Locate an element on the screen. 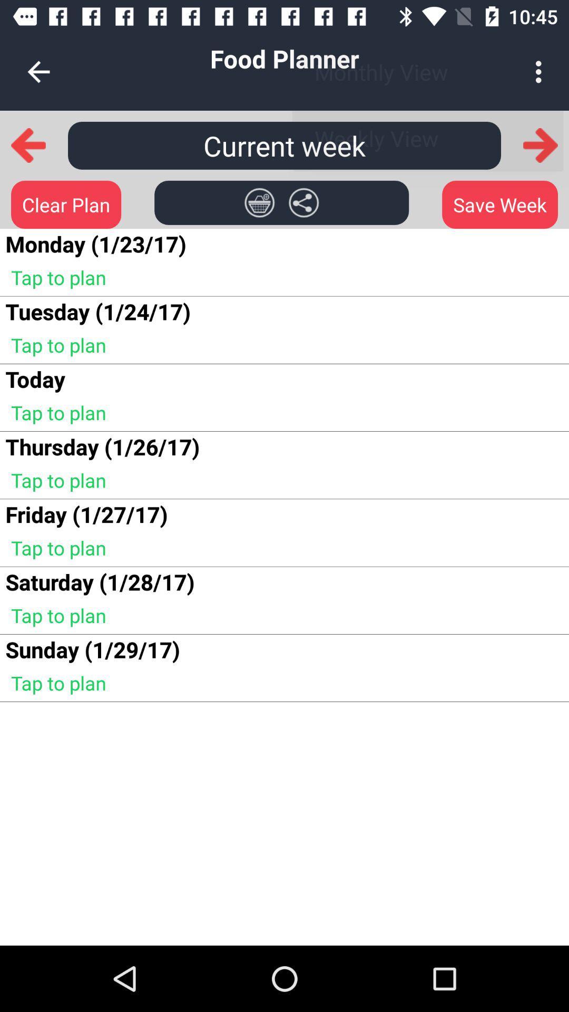 The width and height of the screenshot is (569, 1012). the share icon is located at coordinates (303, 202).